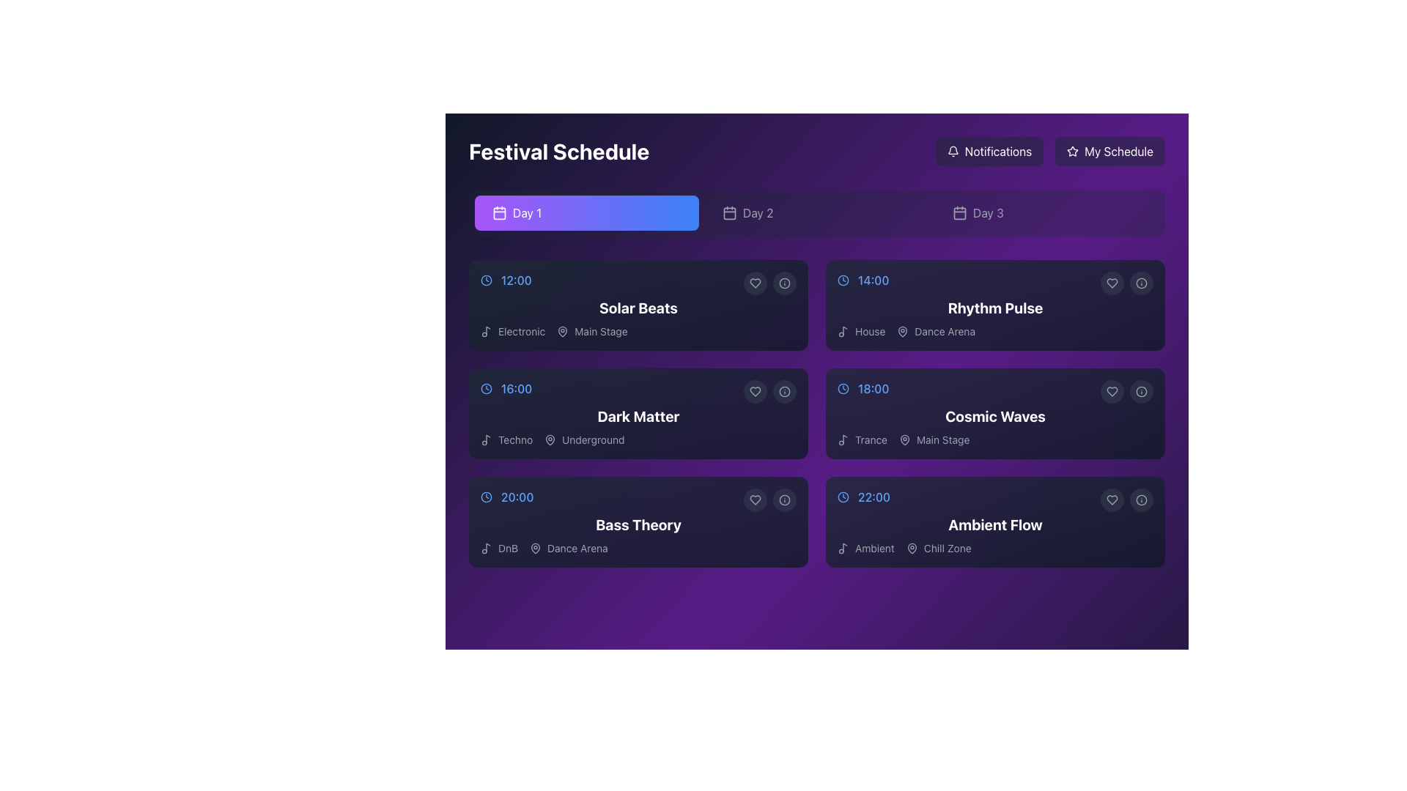 Image resolution: width=1407 pixels, height=791 pixels. I want to click on the heart icon embedded within the circular button in the upper-right corner of the 'Solar Beats' schedule box, so click(756, 283).